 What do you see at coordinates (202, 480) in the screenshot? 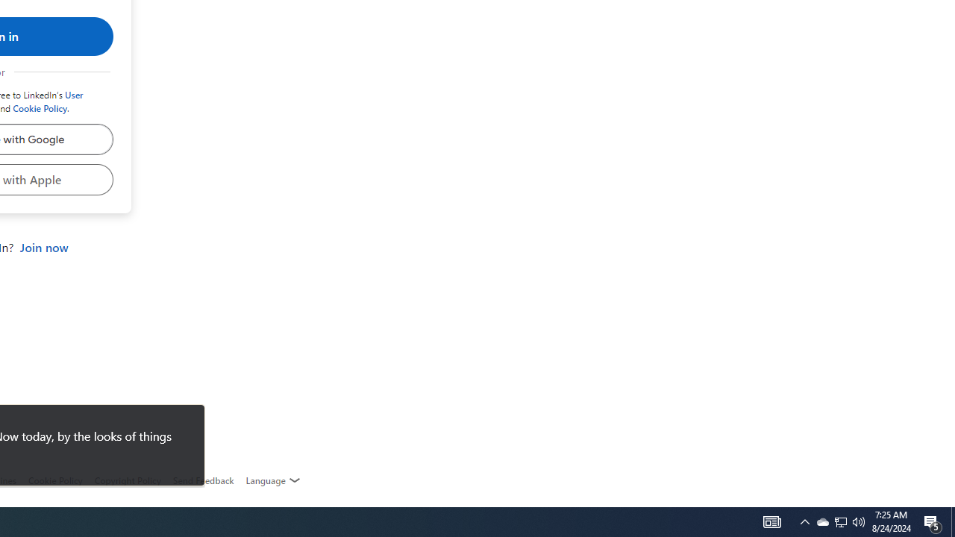
I see `'Send Feedback'` at bounding box center [202, 480].